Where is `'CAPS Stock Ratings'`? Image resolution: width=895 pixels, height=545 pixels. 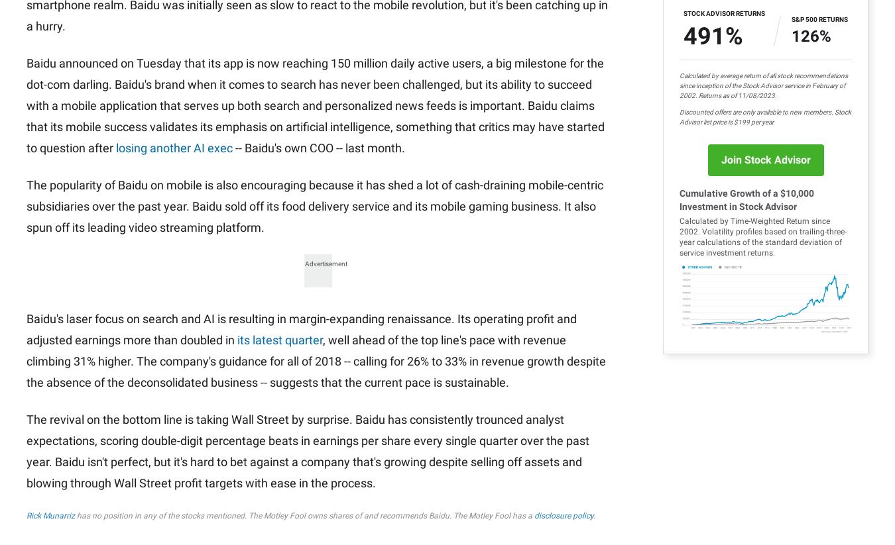 'CAPS Stock Ratings' is located at coordinates (670, 81).